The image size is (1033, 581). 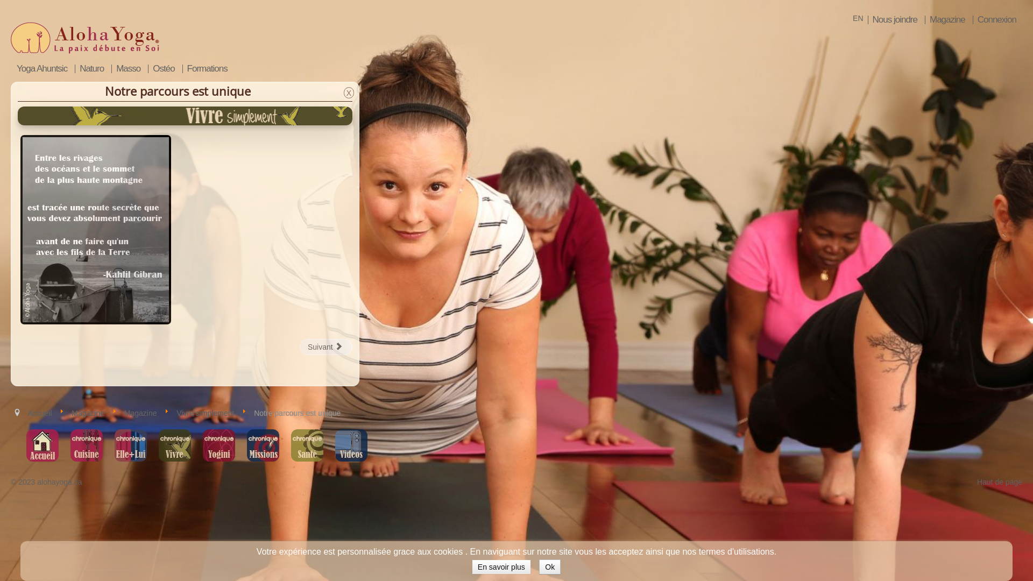 I want to click on 'X', so click(x=349, y=92).